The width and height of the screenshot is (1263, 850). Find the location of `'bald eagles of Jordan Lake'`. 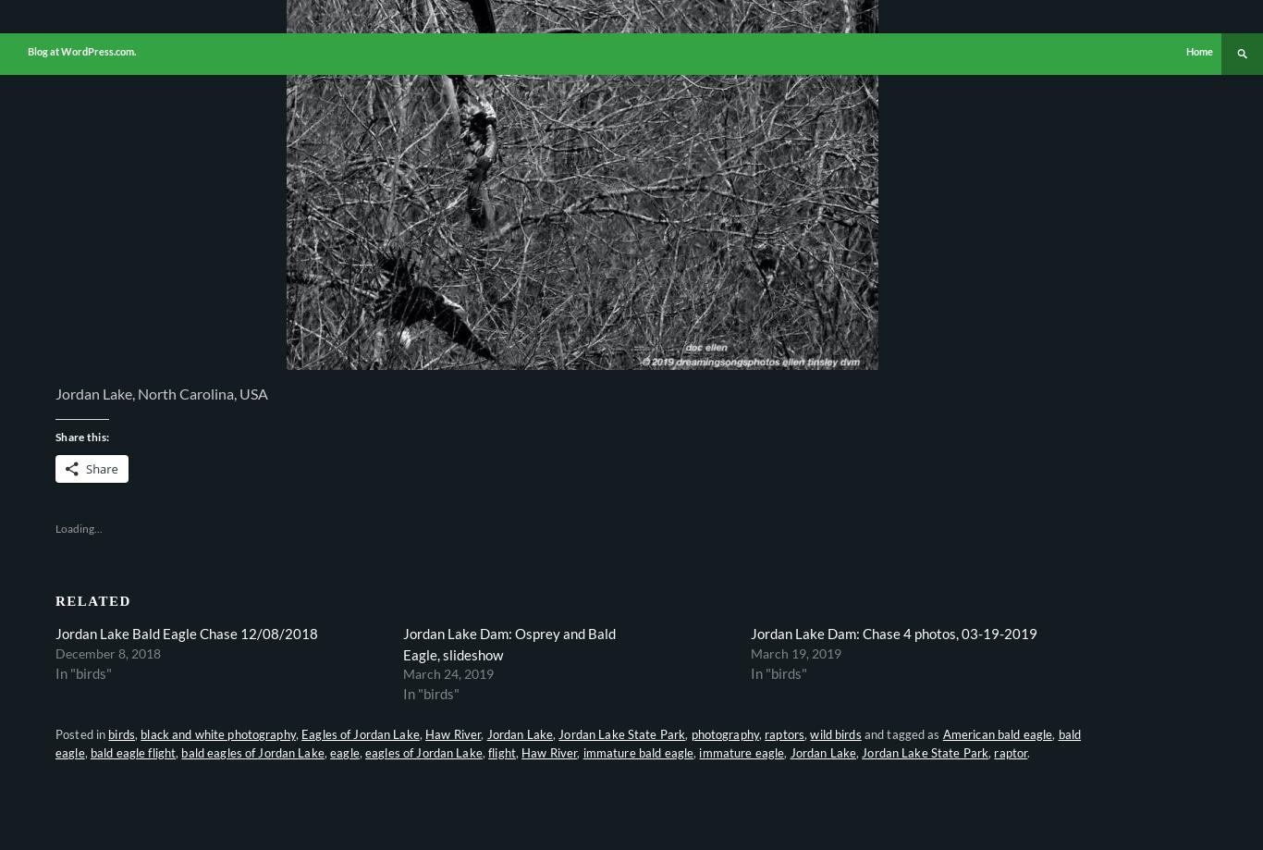

'bald eagles of Jordan Lake' is located at coordinates (252, 752).